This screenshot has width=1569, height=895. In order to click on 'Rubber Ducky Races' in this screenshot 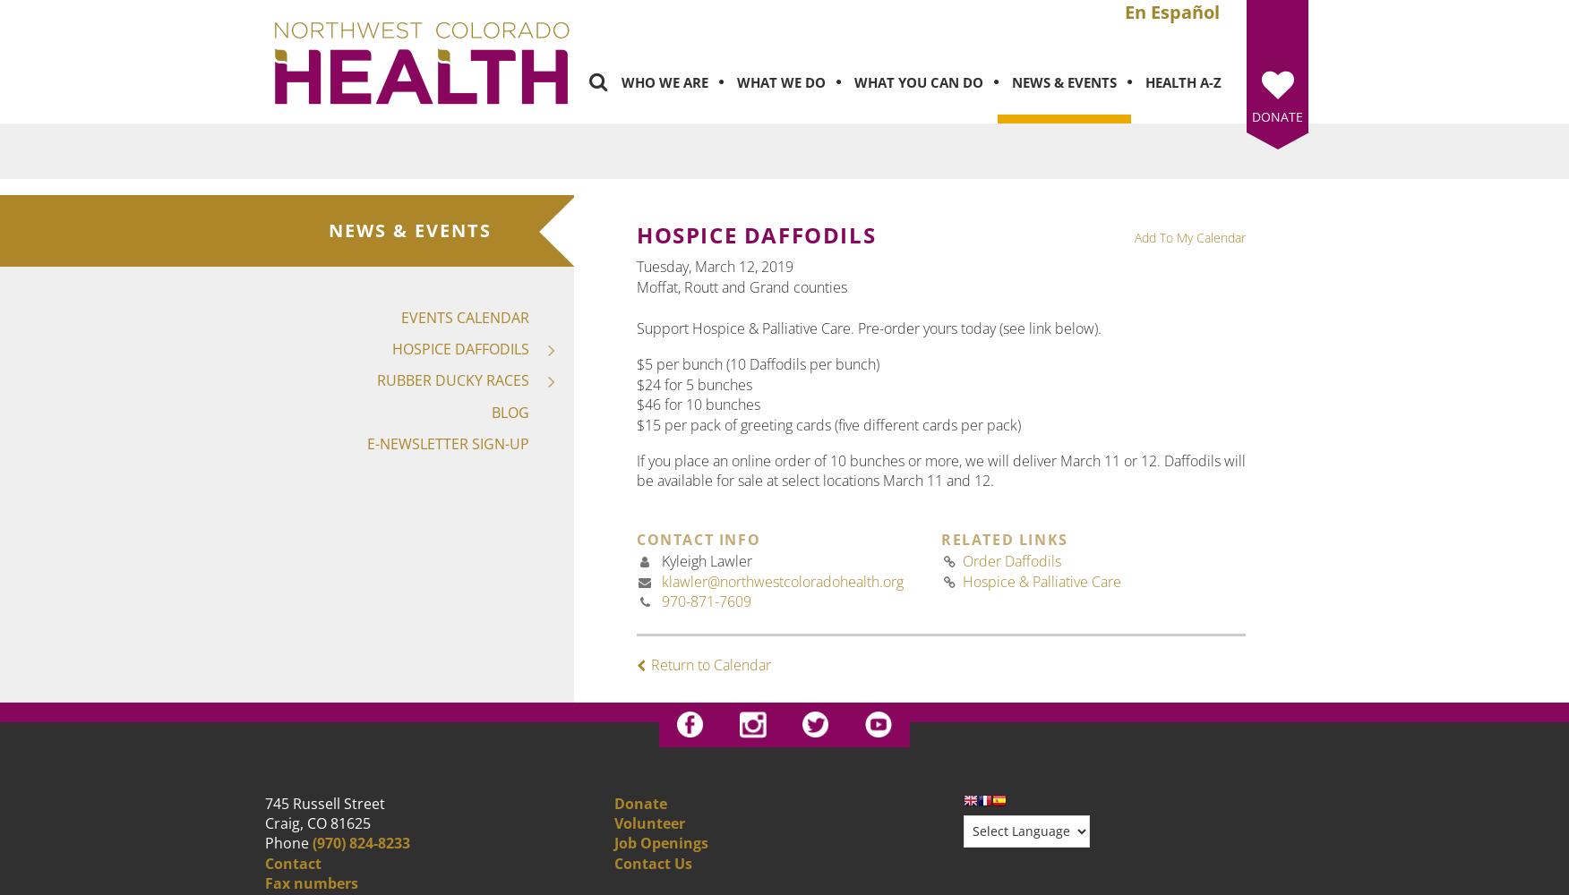, I will do `click(452, 380)`.